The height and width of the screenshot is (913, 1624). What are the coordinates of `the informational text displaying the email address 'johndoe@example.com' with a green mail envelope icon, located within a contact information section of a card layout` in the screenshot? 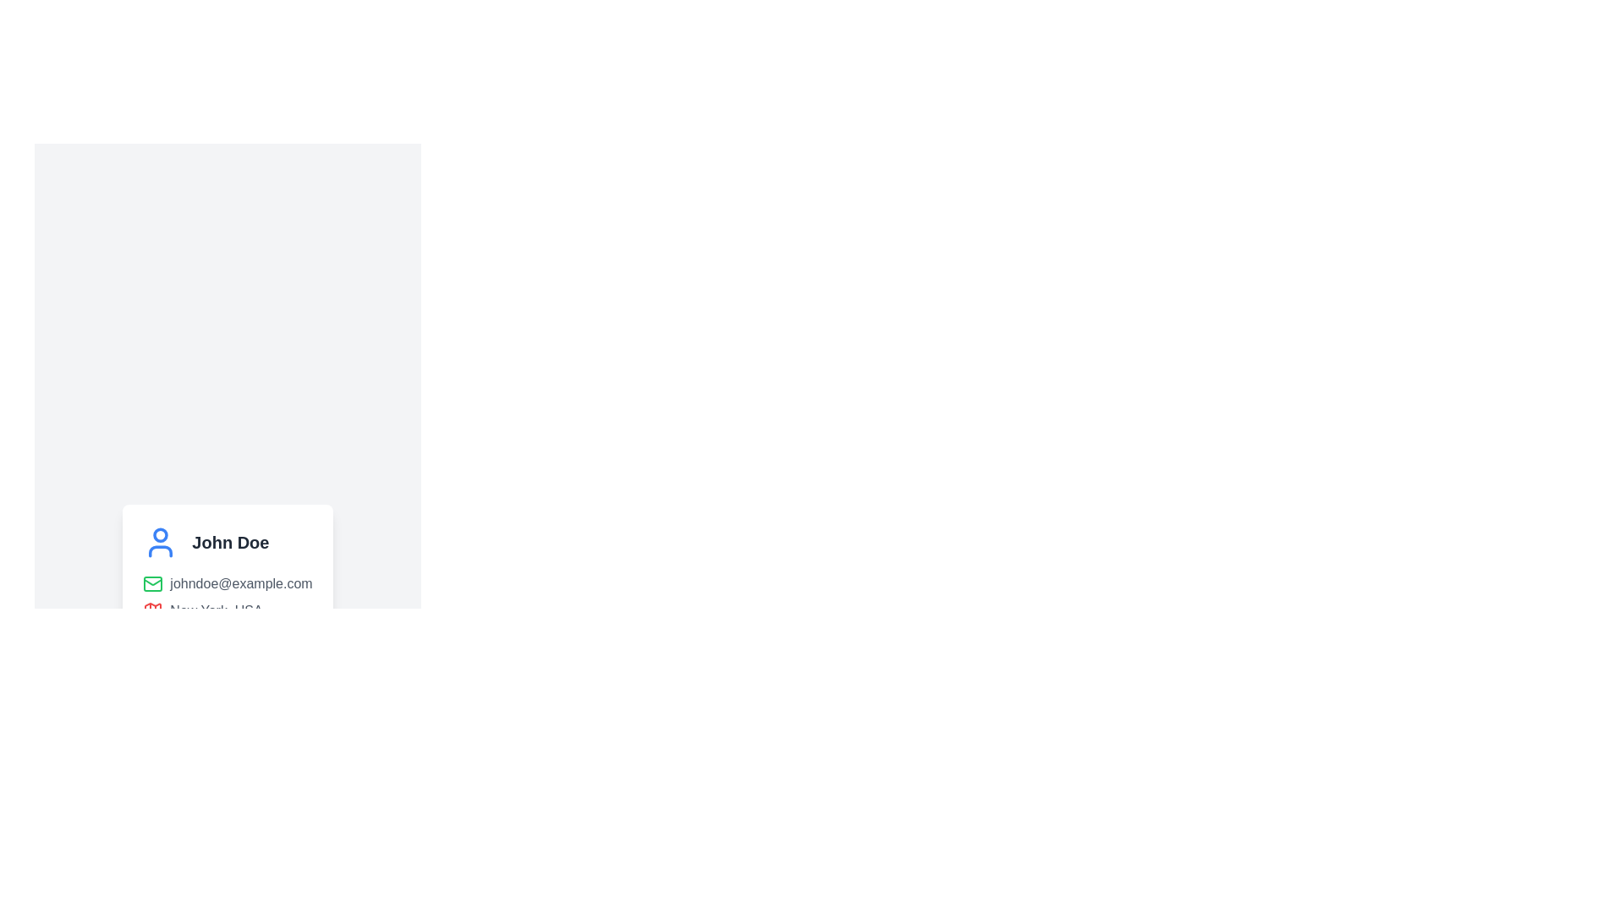 It's located at (227, 582).